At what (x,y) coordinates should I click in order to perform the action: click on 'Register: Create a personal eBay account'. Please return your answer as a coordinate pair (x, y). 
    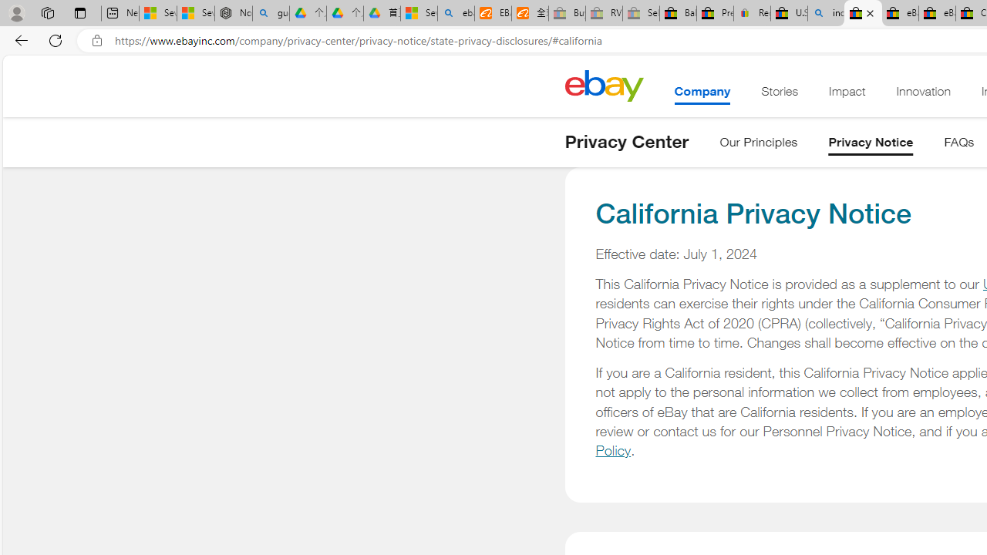
    Looking at the image, I should click on (753, 13).